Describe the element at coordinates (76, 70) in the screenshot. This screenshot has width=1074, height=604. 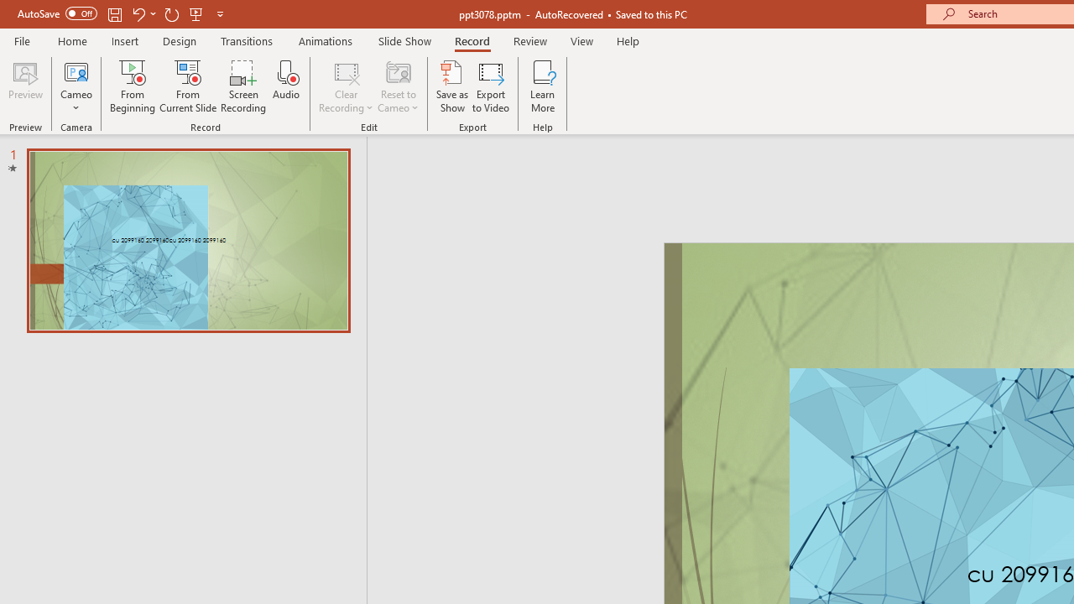
I see `'Cameo'` at that location.